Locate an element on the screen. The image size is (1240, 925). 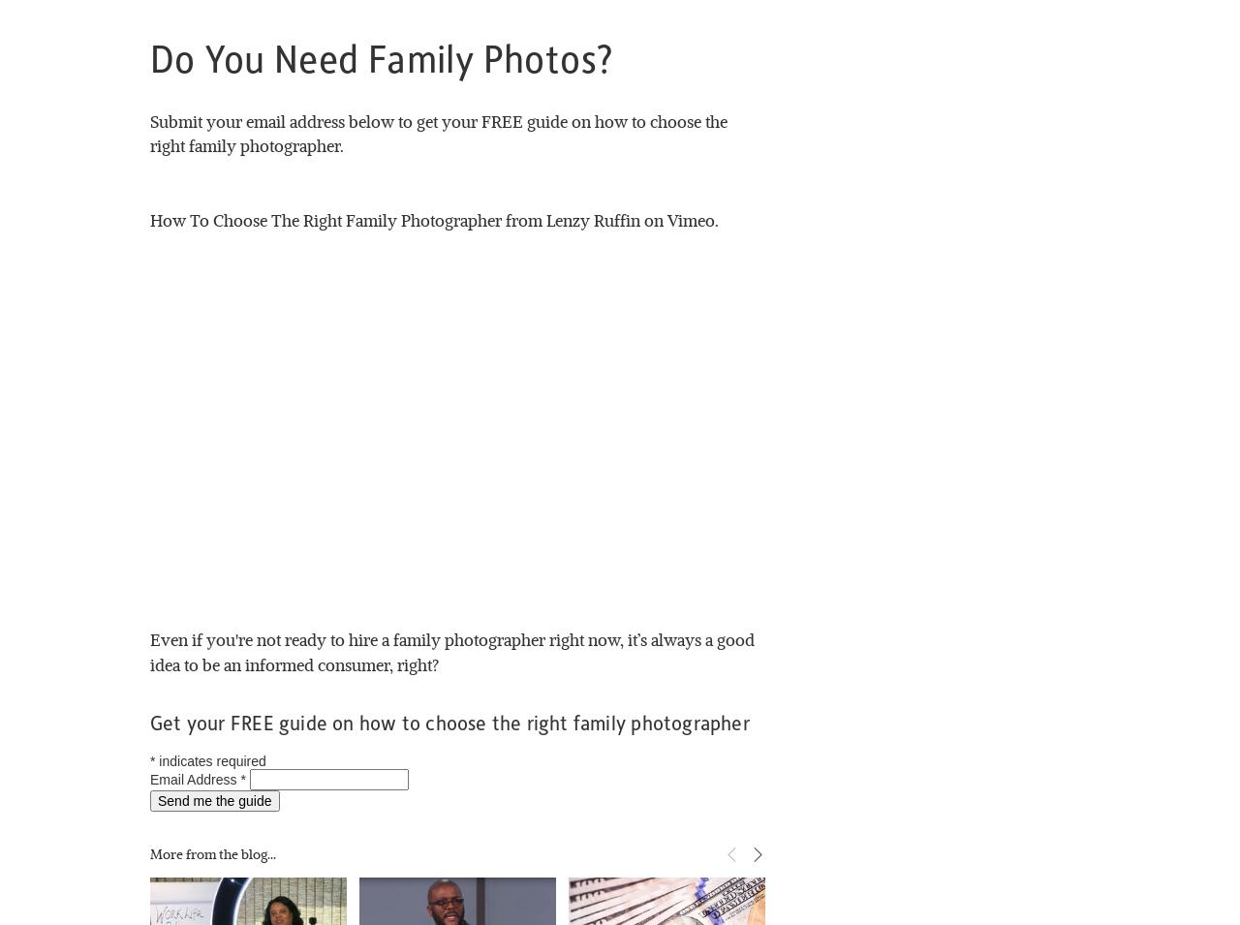
'How To Choose The Right Family Photographer' is located at coordinates (325, 219).